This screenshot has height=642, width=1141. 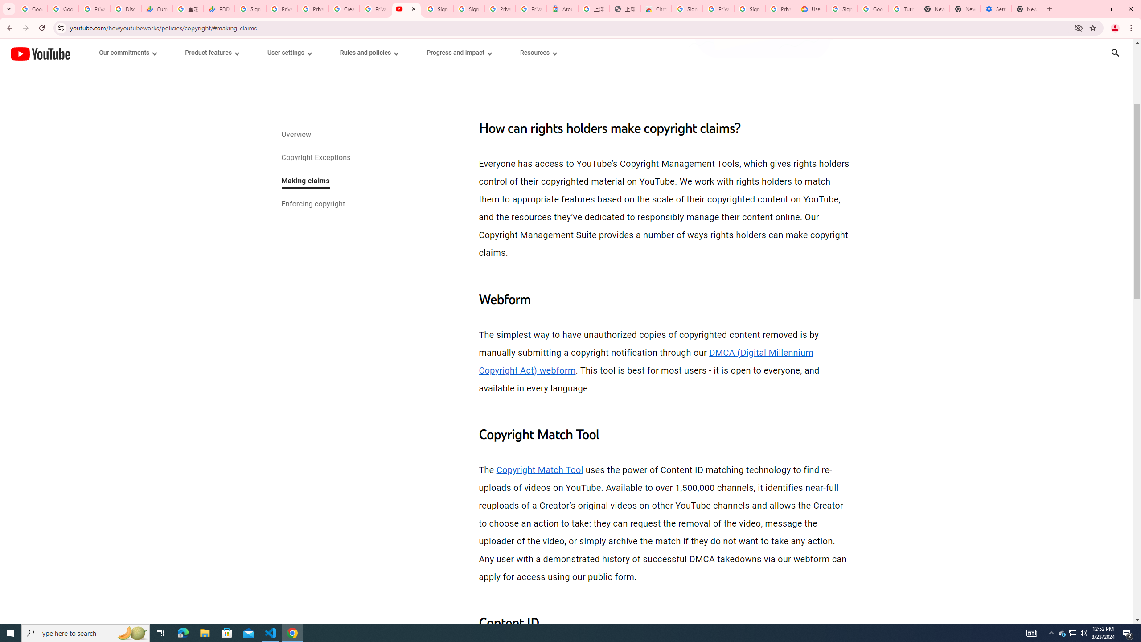 What do you see at coordinates (459, 53) in the screenshot?
I see `'Progress and impact menupopup'` at bounding box center [459, 53].